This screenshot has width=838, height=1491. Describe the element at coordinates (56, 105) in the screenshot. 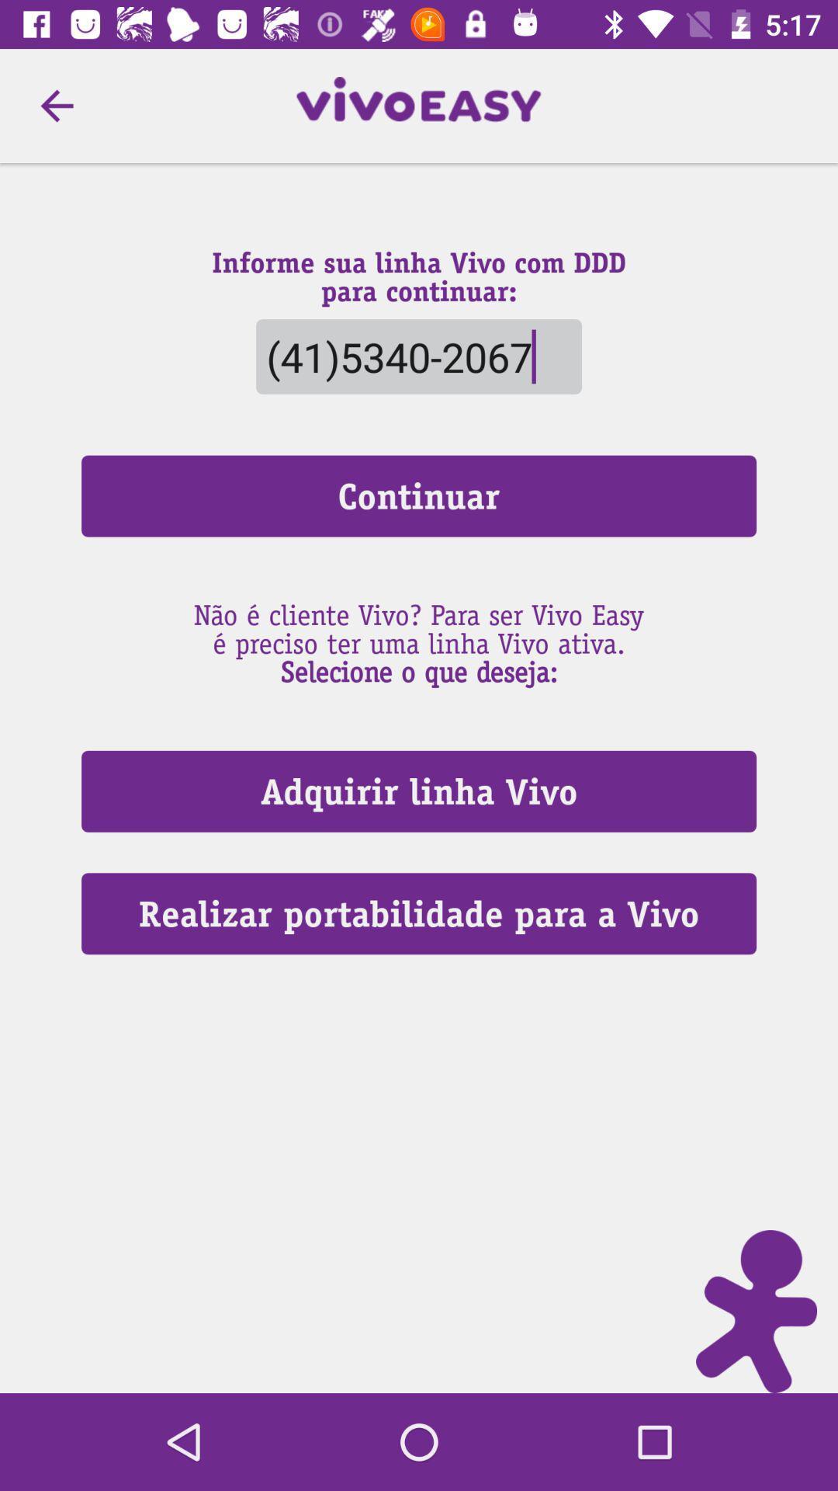

I see `the icon at the top left corner` at that location.